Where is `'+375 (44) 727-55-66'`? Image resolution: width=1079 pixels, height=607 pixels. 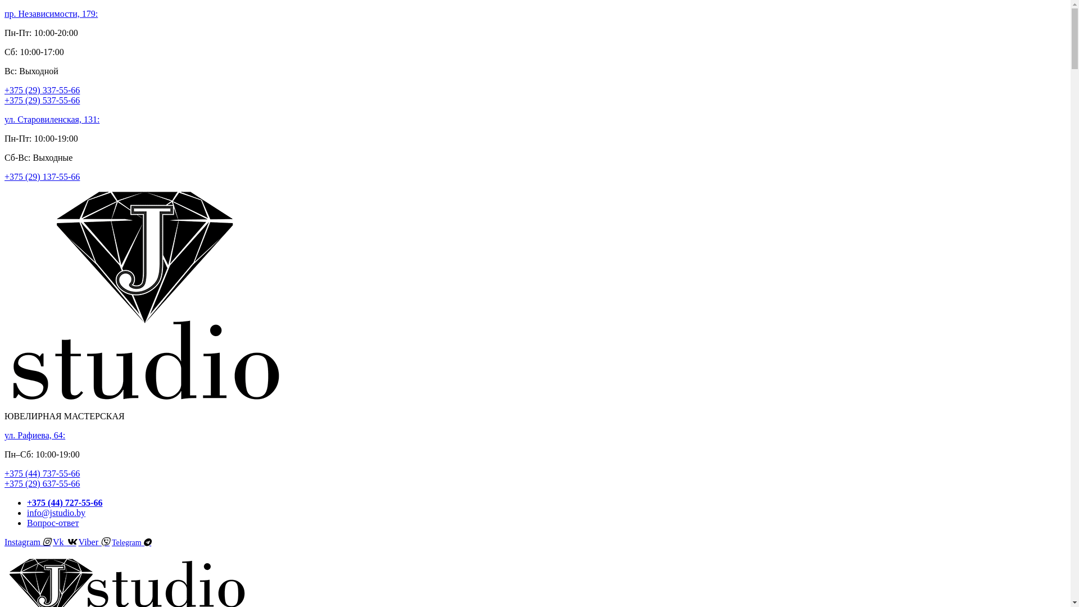 '+375 (44) 727-55-66' is located at coordinates (64, 502).